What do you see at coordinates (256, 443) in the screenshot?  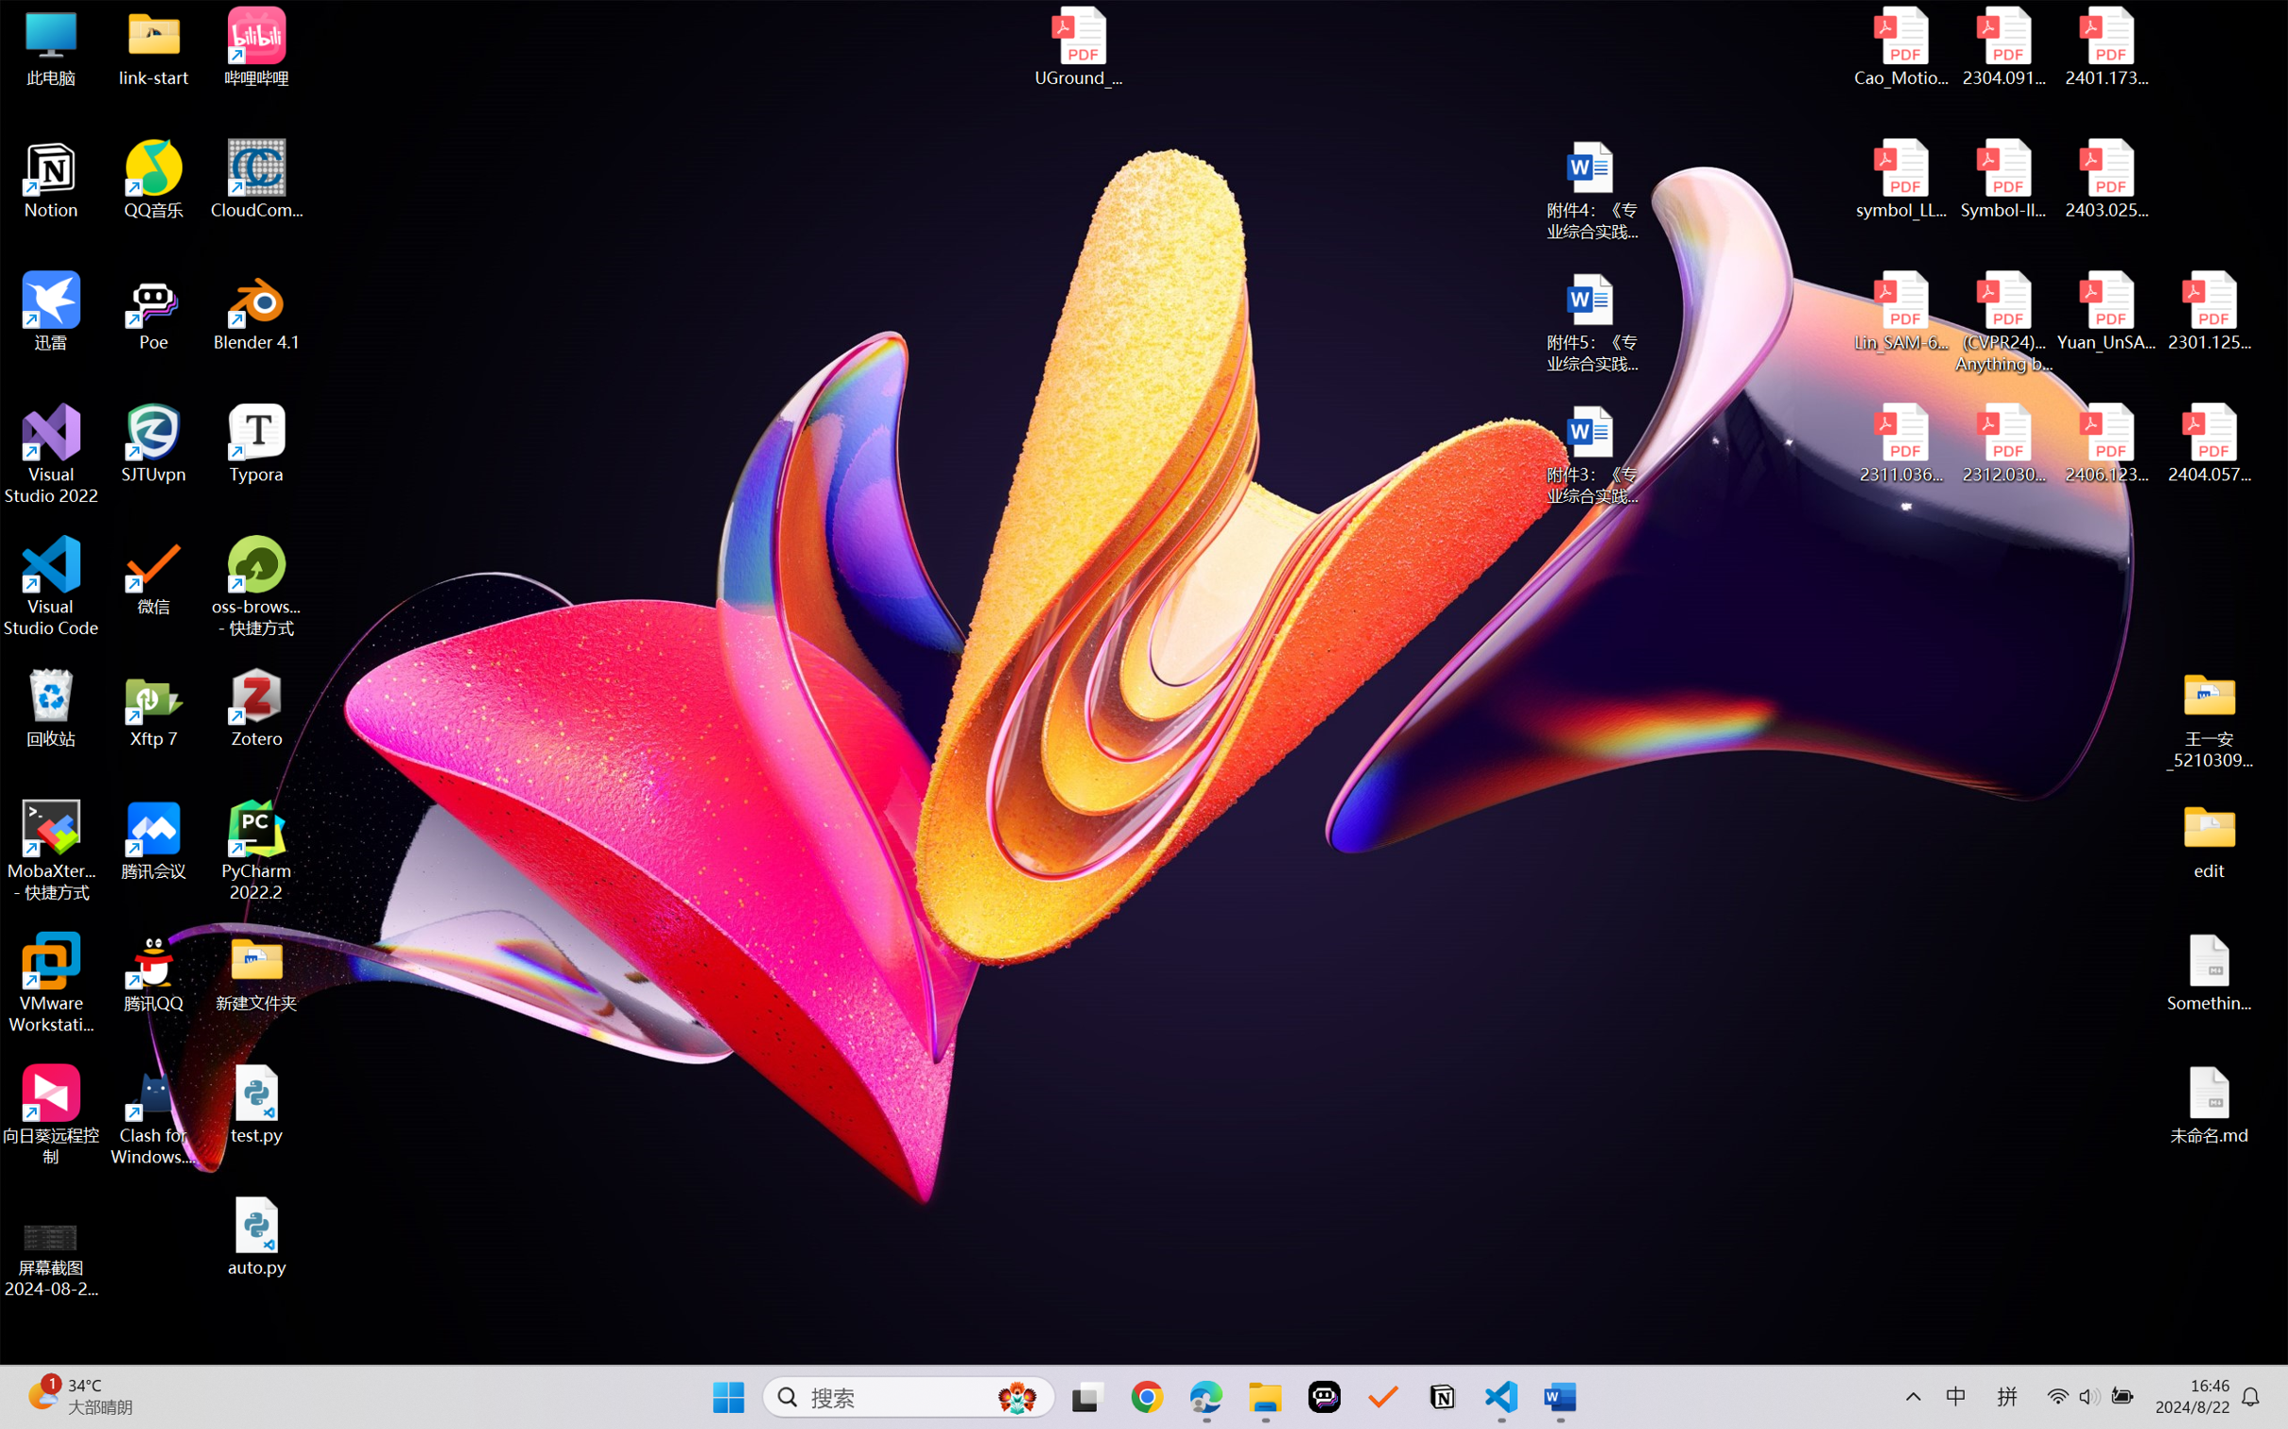 I see `'Typora'` at bounding box center [256, 443].